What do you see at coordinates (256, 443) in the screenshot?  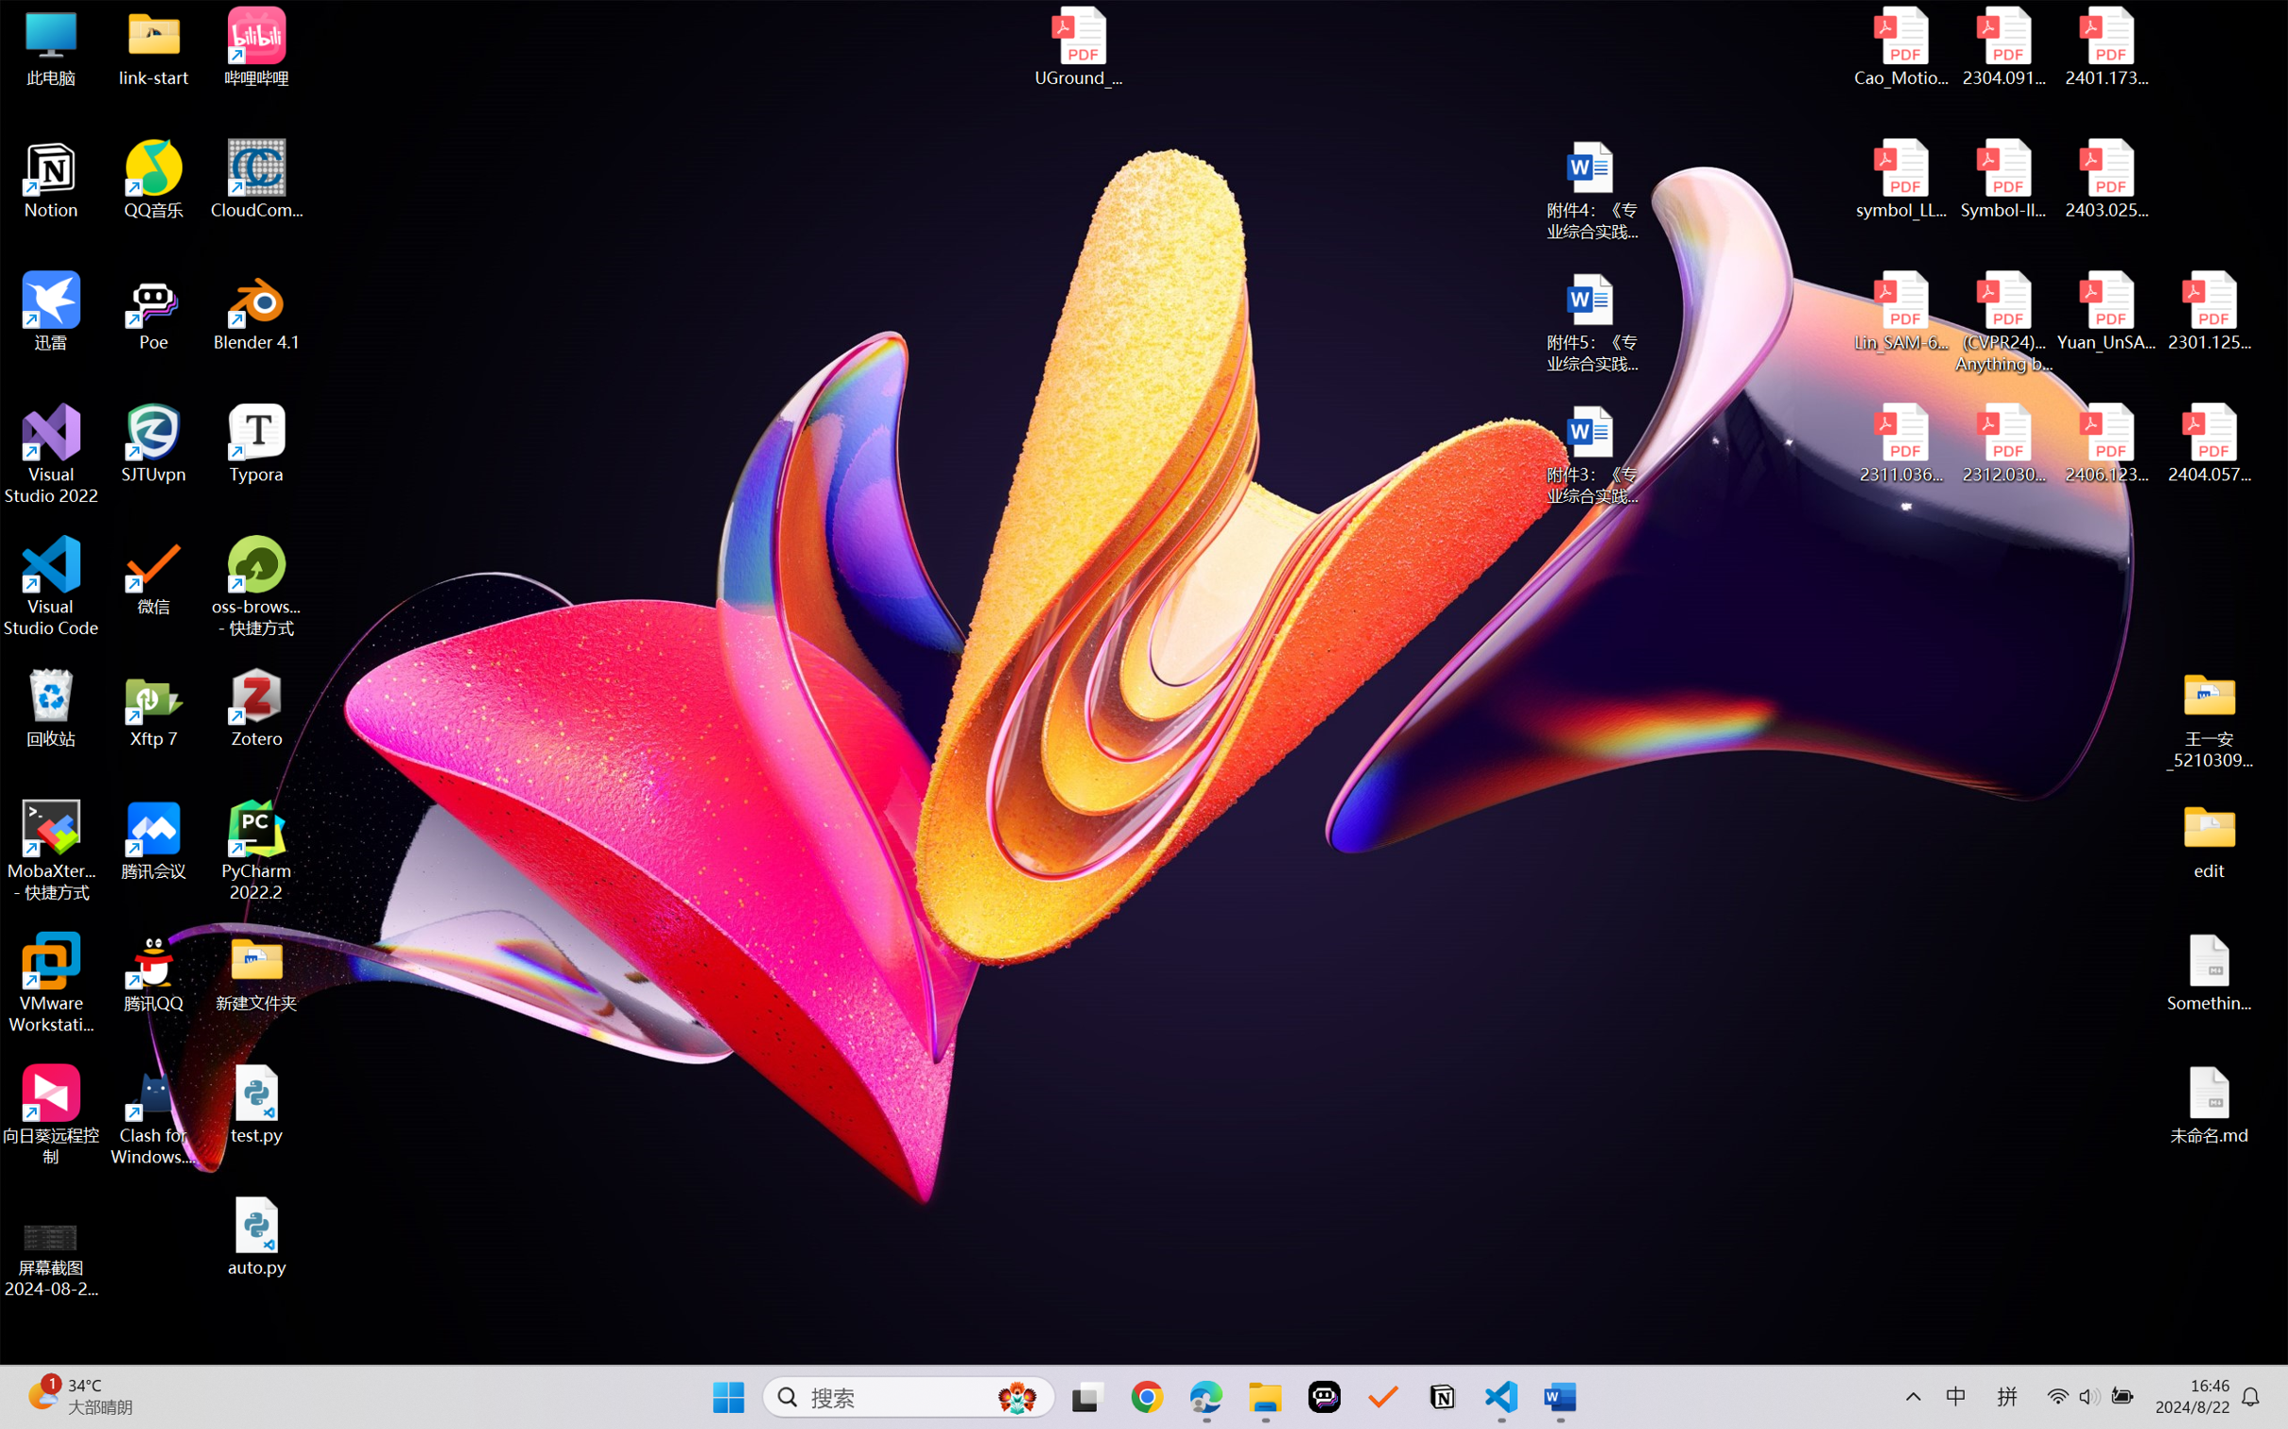 I see `'Typora'` at bounding box center [256, 443].